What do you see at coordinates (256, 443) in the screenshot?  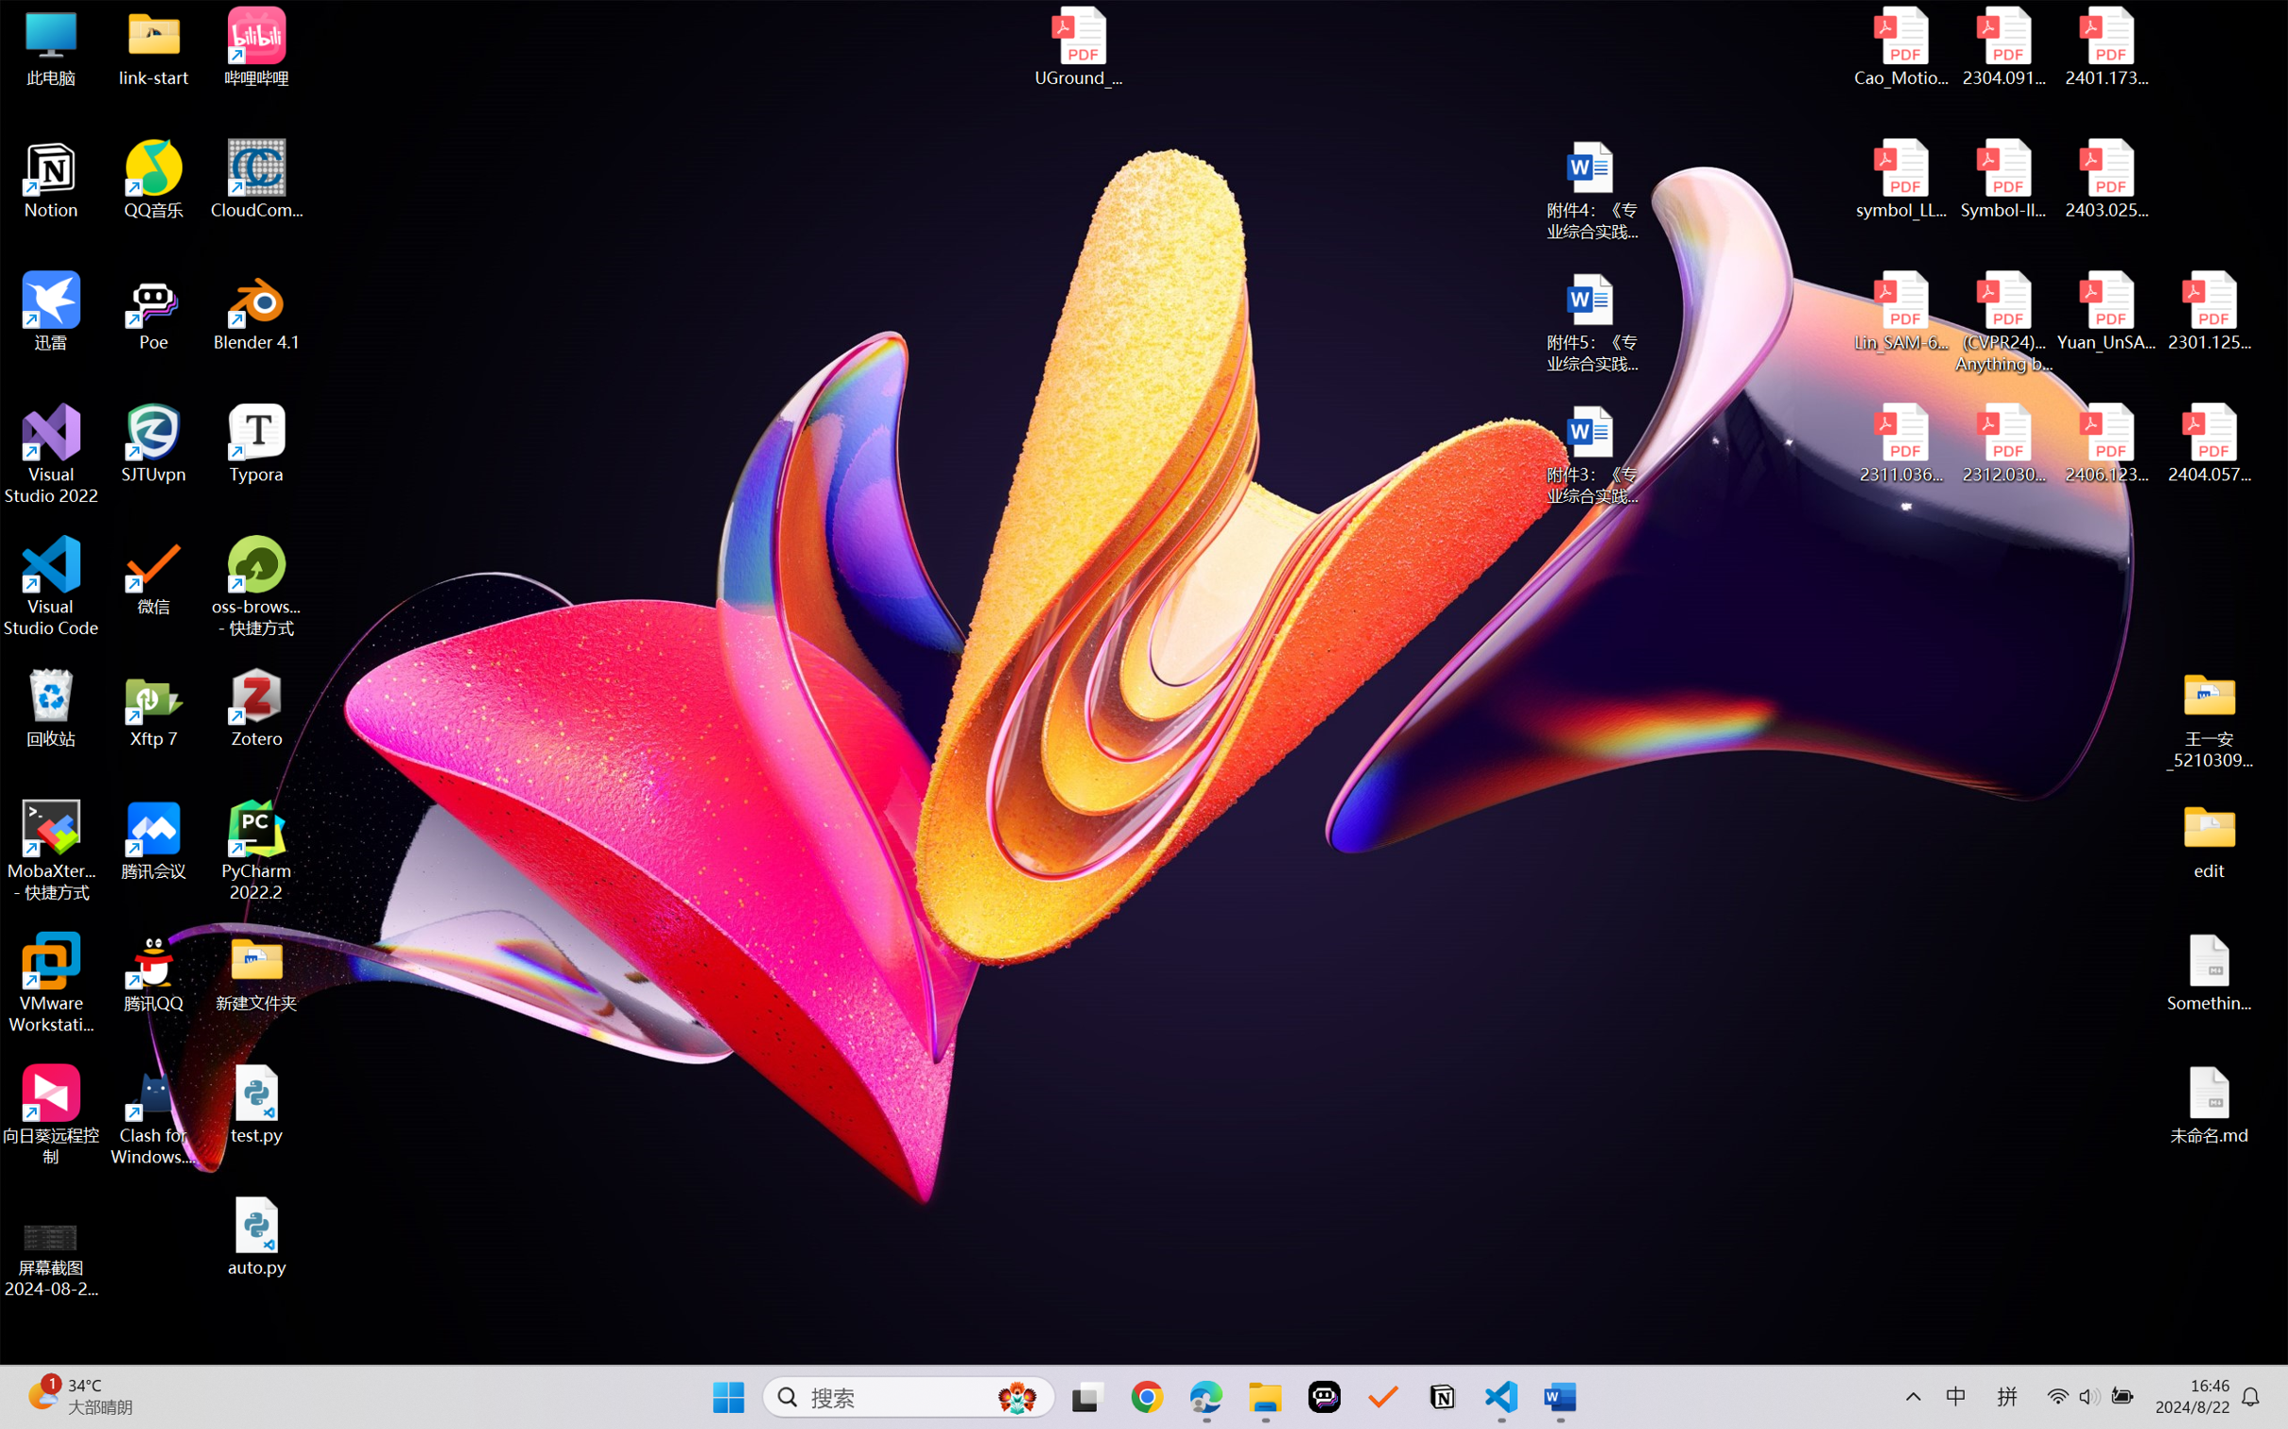 I see `'Typora'` at bounding box center [256, 443].